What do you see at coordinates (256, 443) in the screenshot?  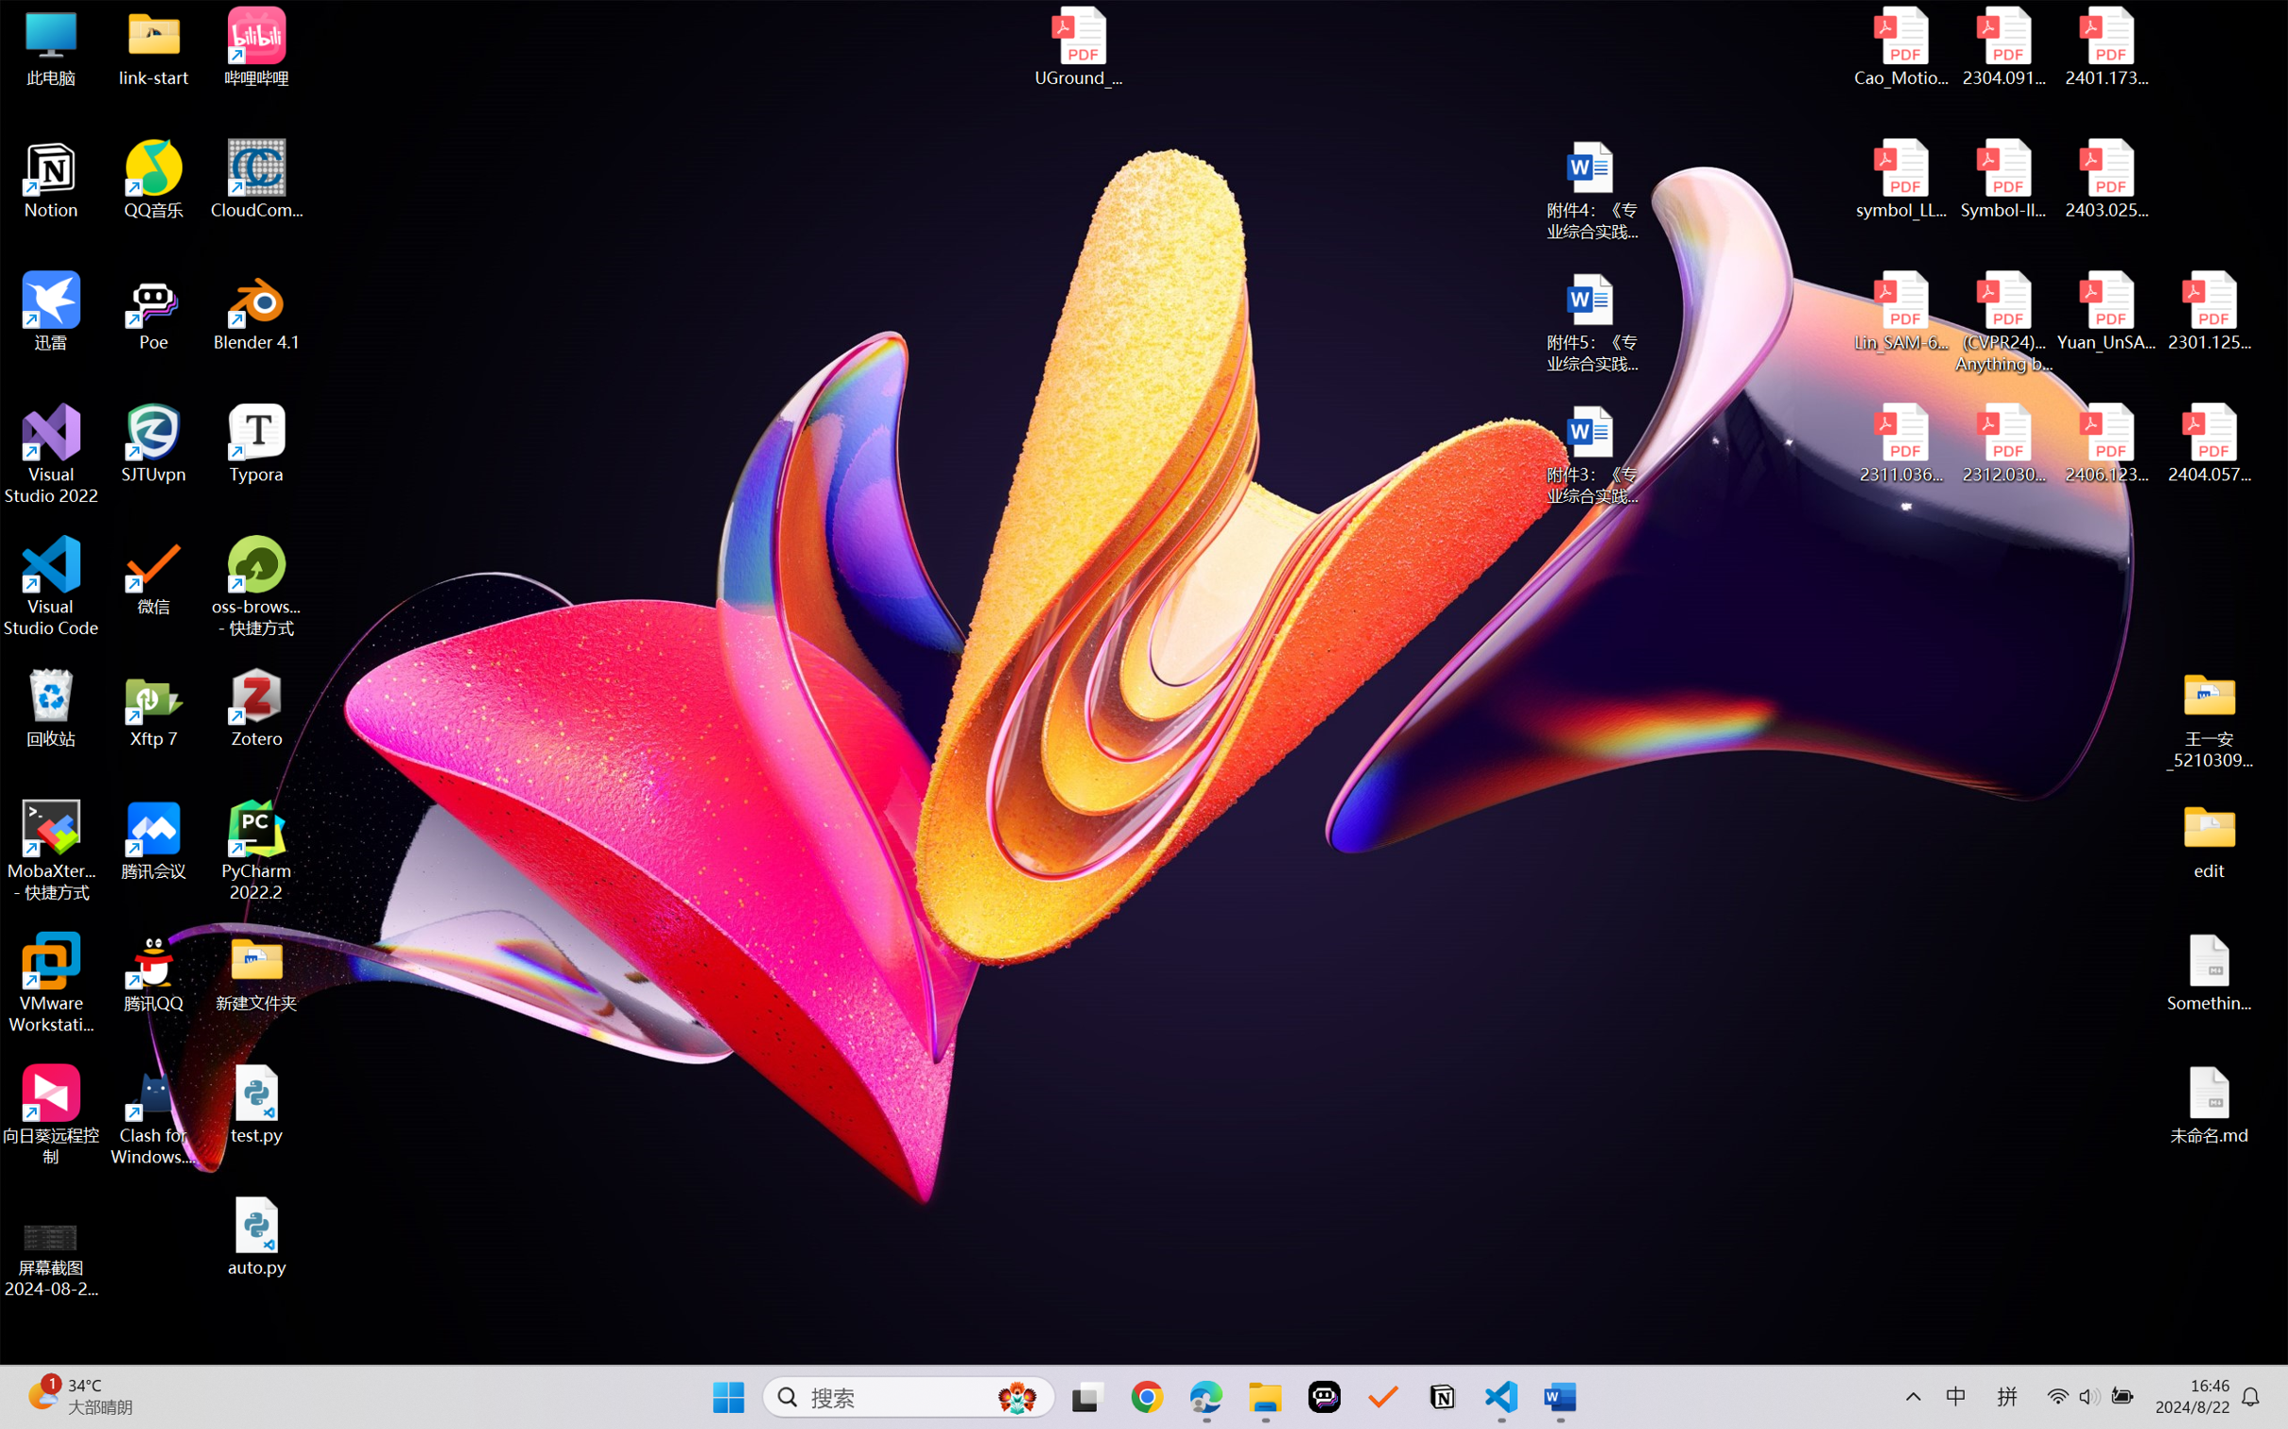 I see `'Typora'` at bounding box center [256, 443].